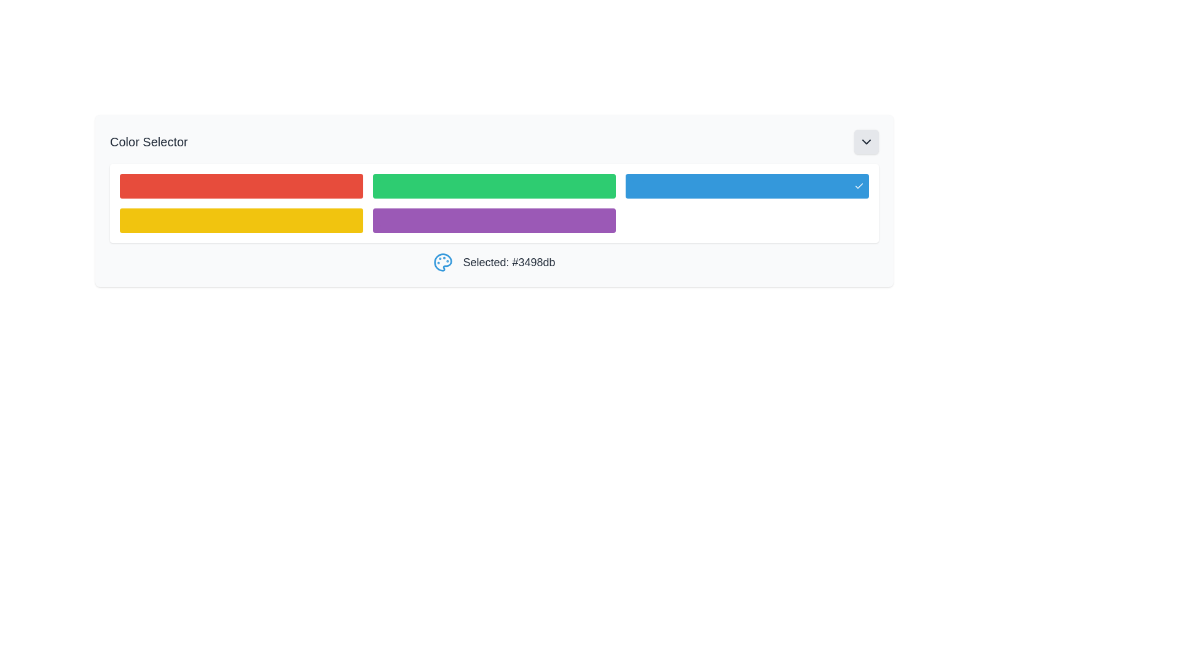  What do you see at coordinates (866, 141) in the screenshot?
I see `the dropdown toggle button located in the top-right corner of the 'Color Selector' section` at bounding box center [866, 141].